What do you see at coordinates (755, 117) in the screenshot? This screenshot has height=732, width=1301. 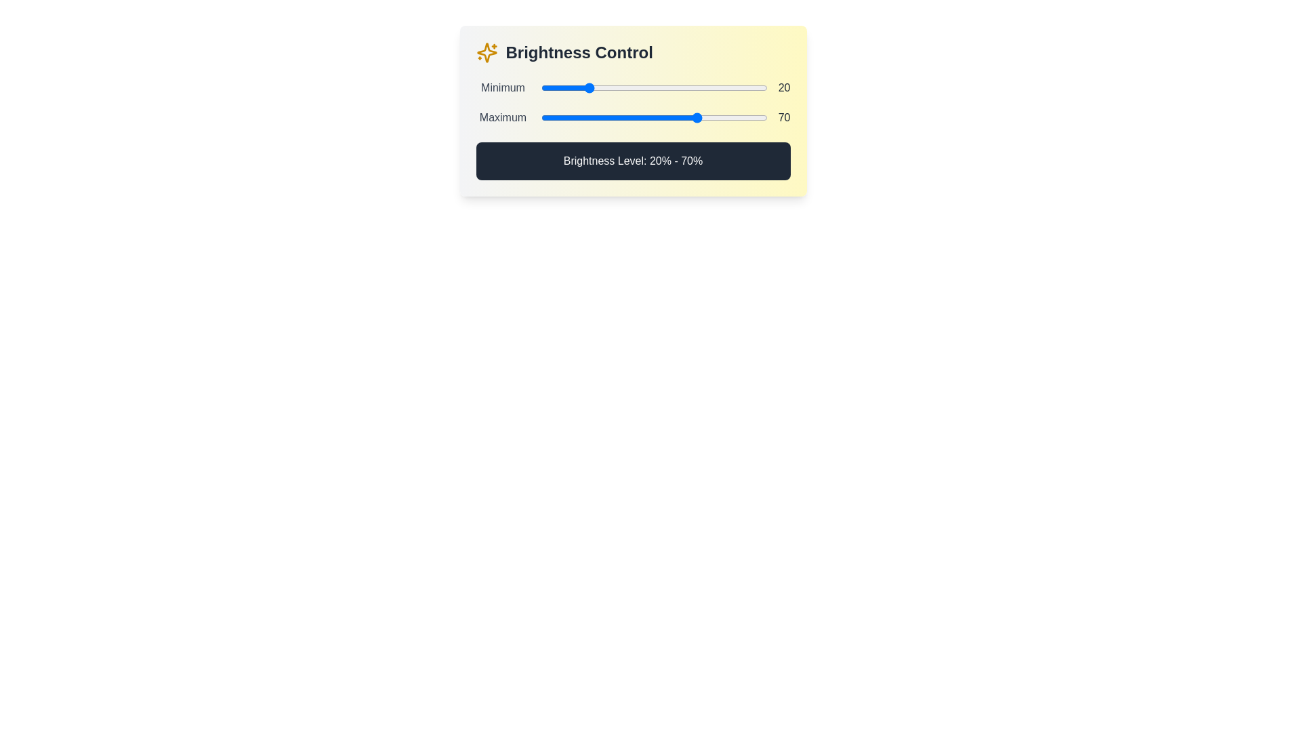 I see `the maximum brightness level to 95% by interacting with the second slider` at bounding box center [755, 117].